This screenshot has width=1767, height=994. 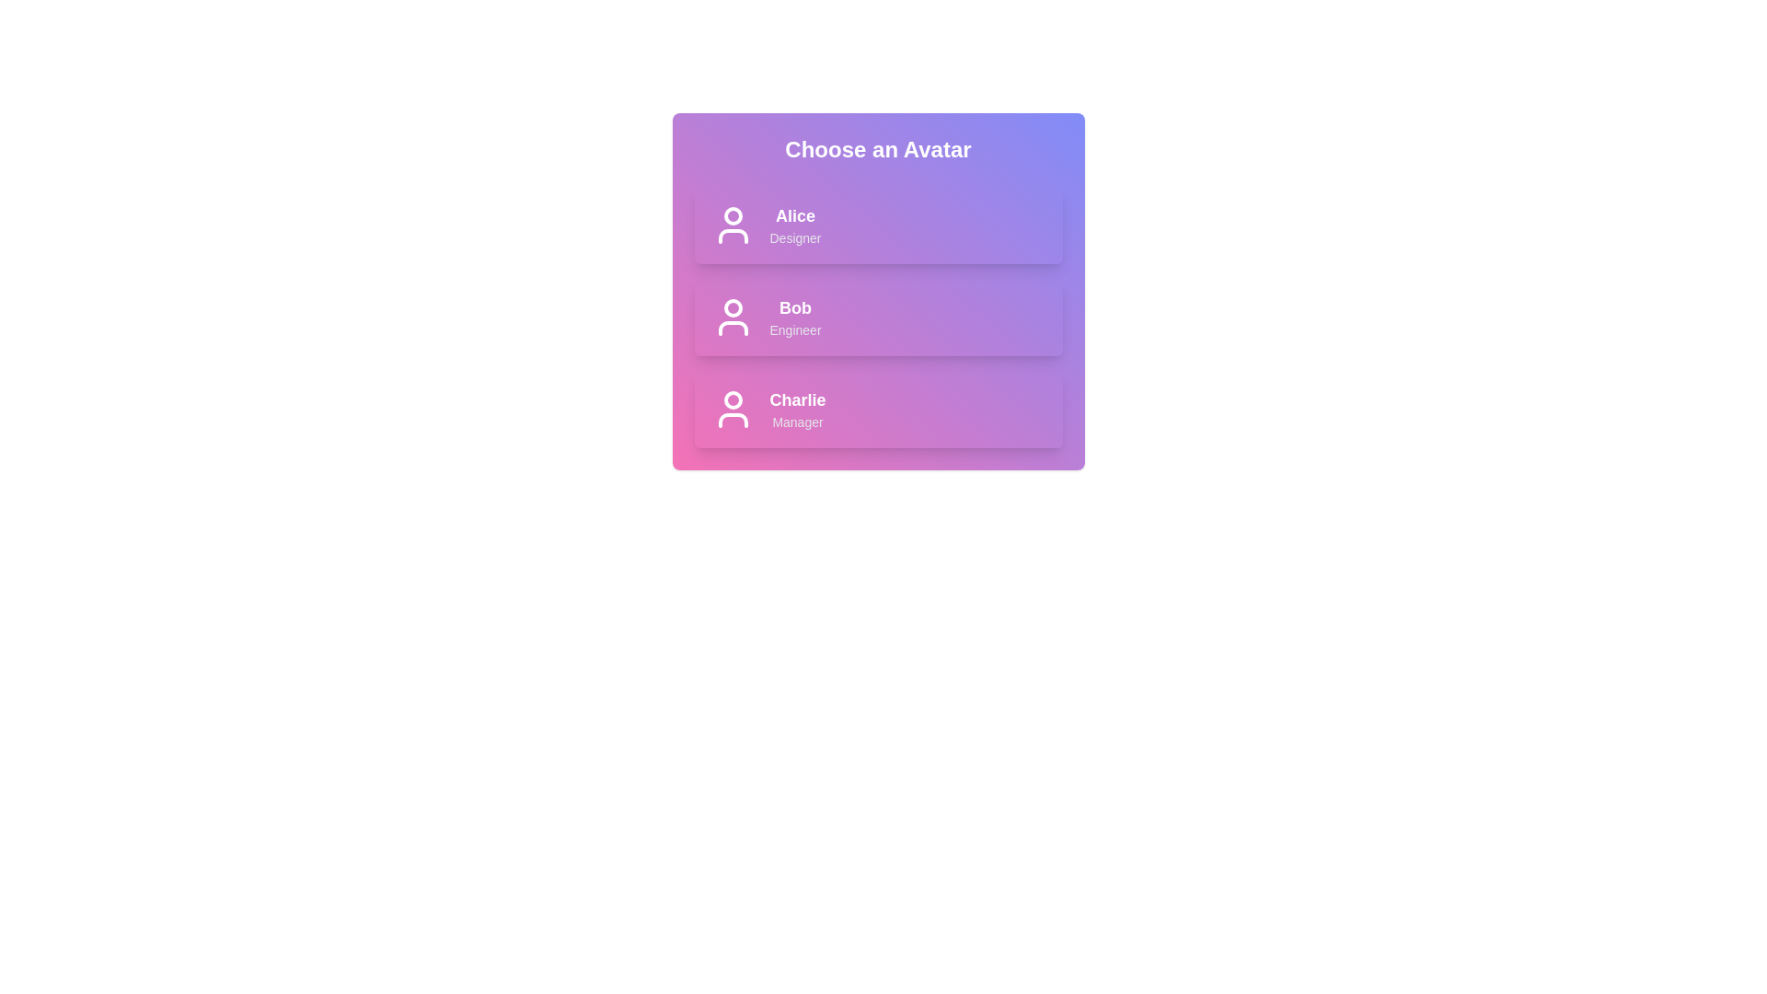 I want to click on the Text Display that shows 'Charlie' in bold white text and 'Manager' in smaller gray text, located in the bottom entry of the 'Choose an Avatar' list, to the right of a white user icon, so click(x=798, y=408).